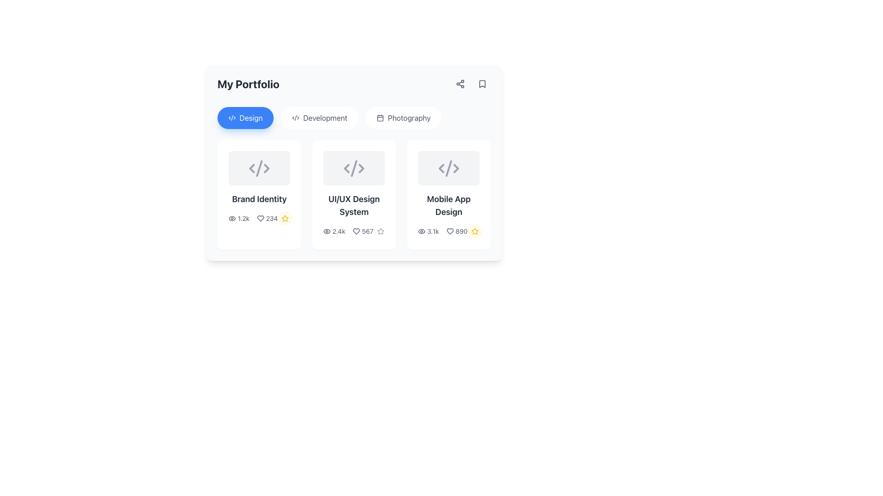 Image resolution: width=883 pixels, height=496 pixels. I want to click on the non-interactive card component representing a portfolio item located in the second column of the My Portfolio section, positioned between the cards titled Brand Identity and Mobile App Design, so click(353, 194).